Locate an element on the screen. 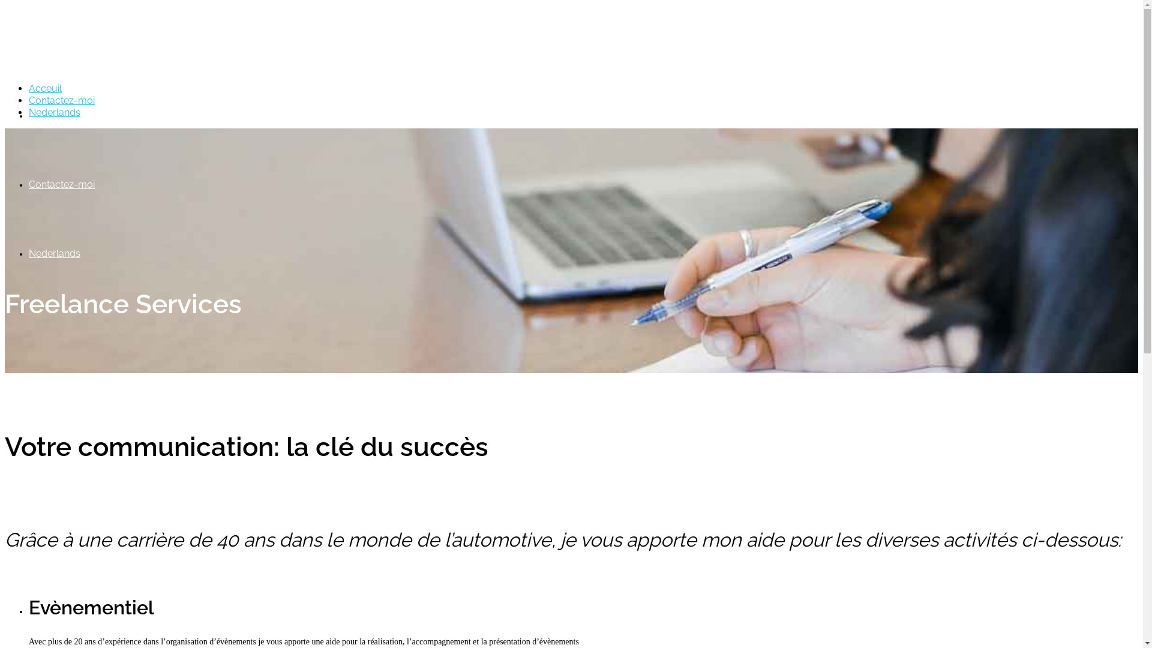 This screenshot has height=648, width=1152. 'Nederlands' is located at coordinates (54, 112).